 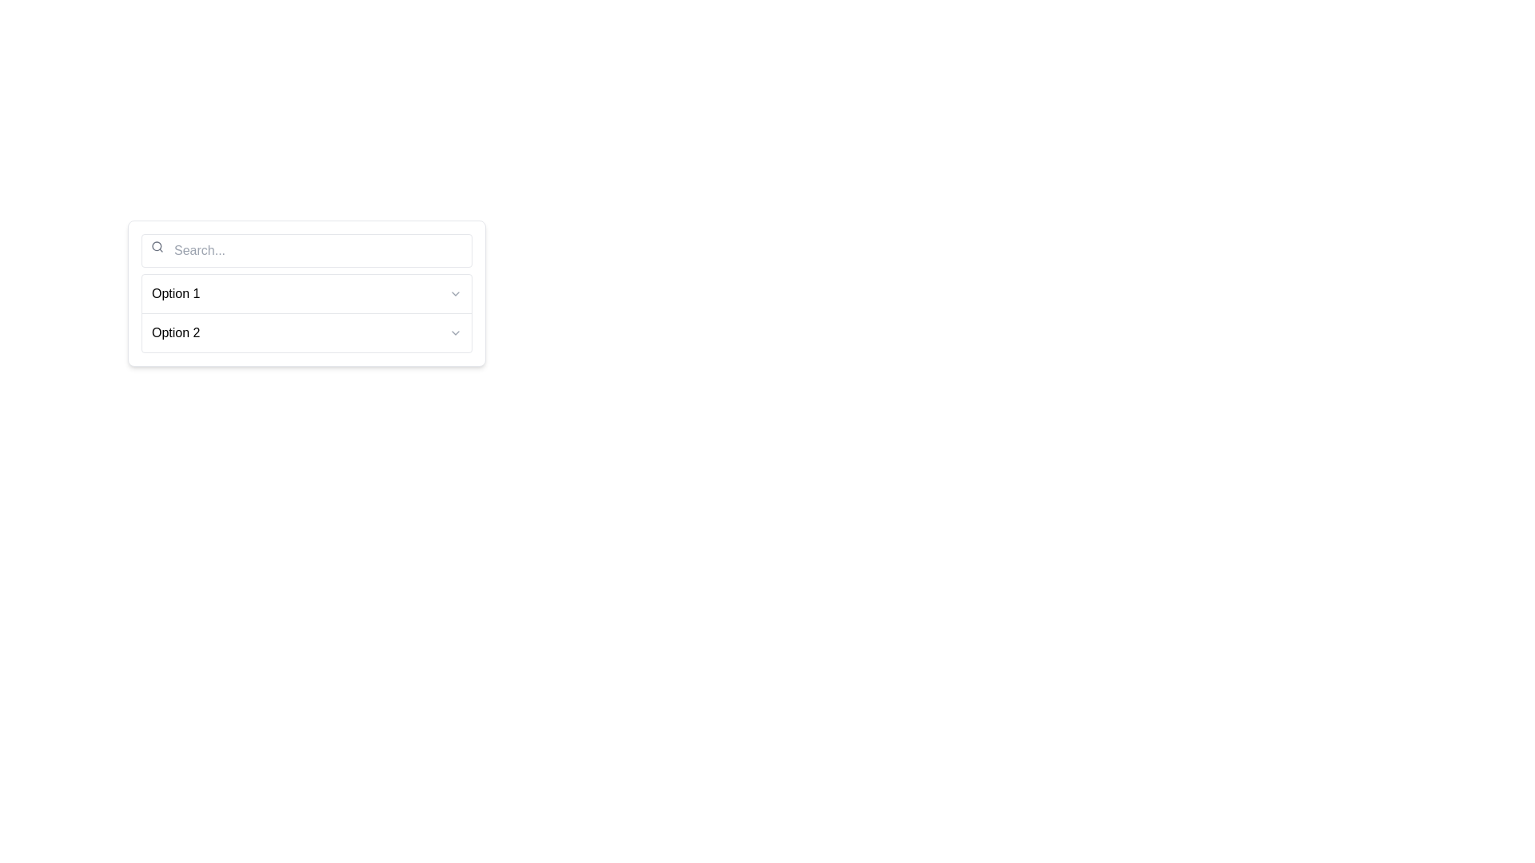 I want to click on the dropdown trigger icon next to the 'Option 1' label, so click(x=455, y=293).